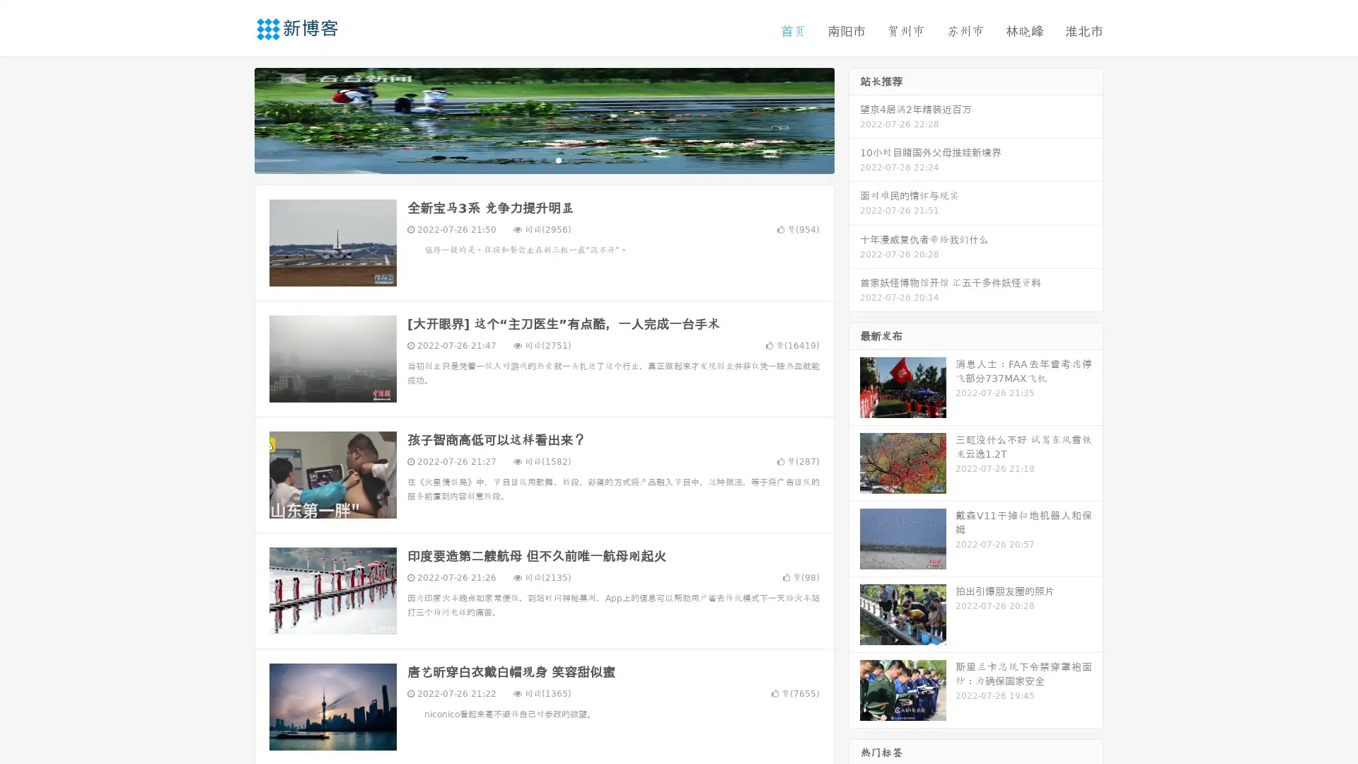 Image resolution: width=1358 pixels, height=764 pixels. Describe the element at coordinates (529, 159) in the screenshot. I see `Go to slide 1` at that location.